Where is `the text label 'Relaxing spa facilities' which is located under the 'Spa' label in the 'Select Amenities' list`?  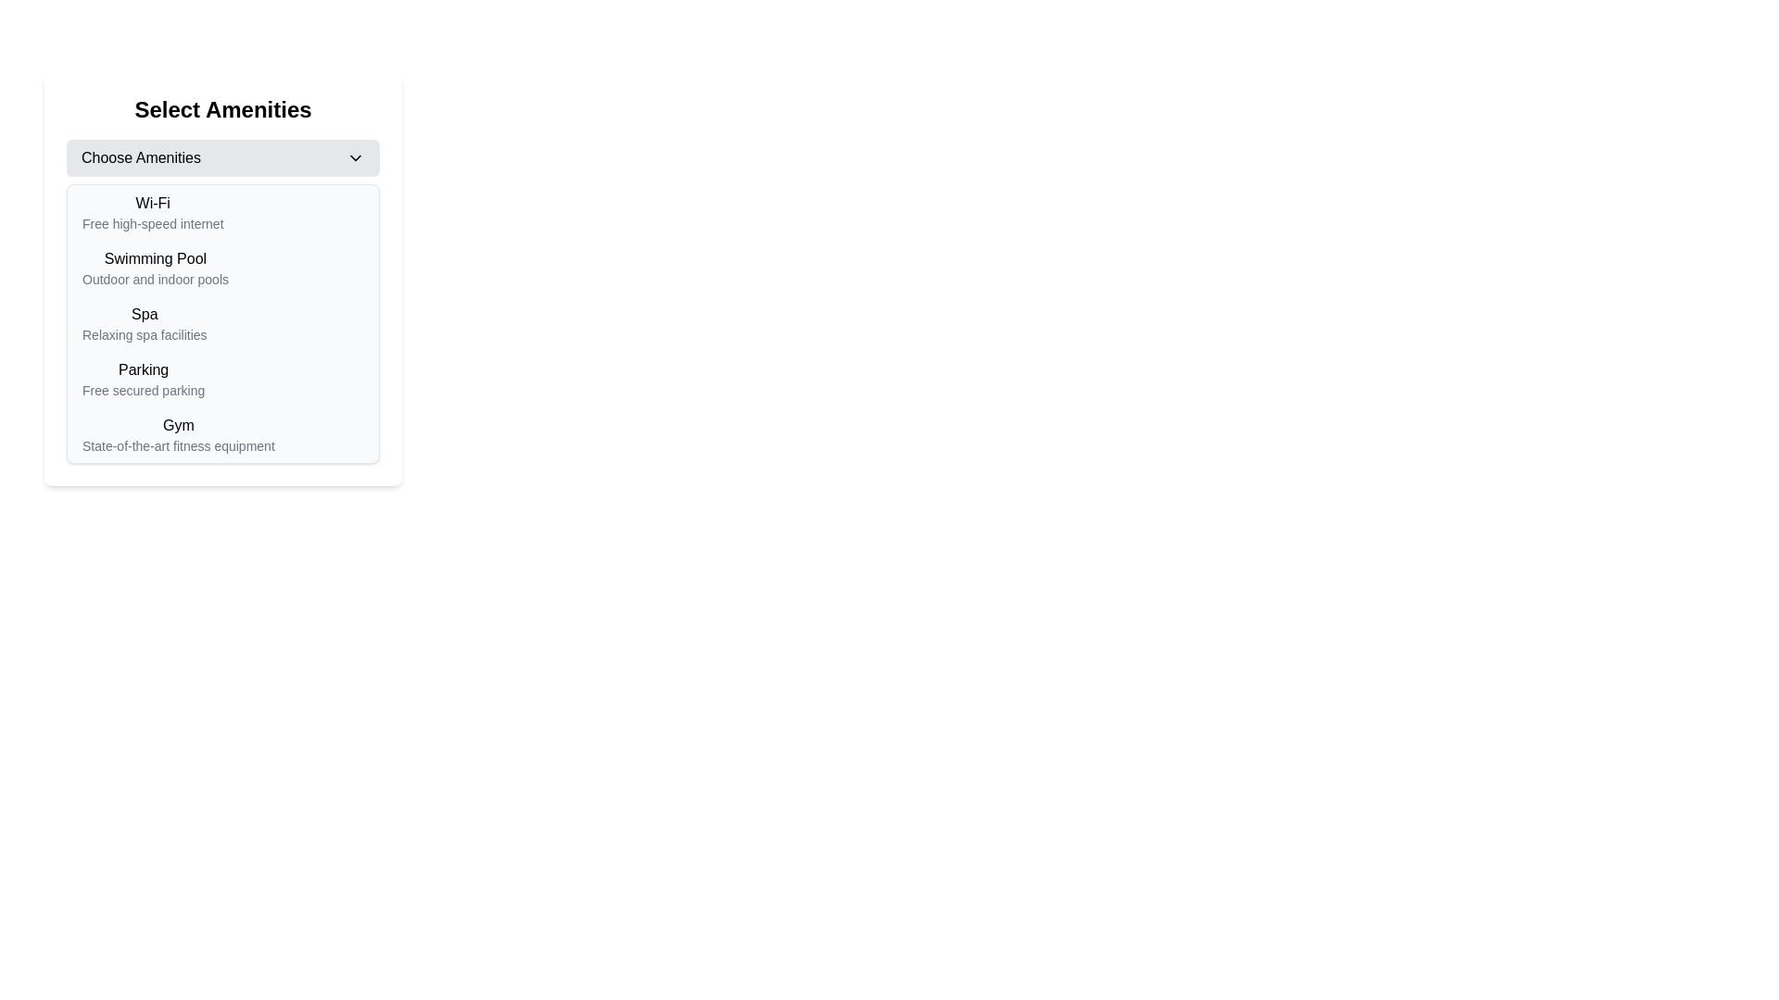
the text label 'Relaxing spa facilities' which is located under the 'Spa' label in the 'Select Amenities' list is located at coordinates (144, 335).